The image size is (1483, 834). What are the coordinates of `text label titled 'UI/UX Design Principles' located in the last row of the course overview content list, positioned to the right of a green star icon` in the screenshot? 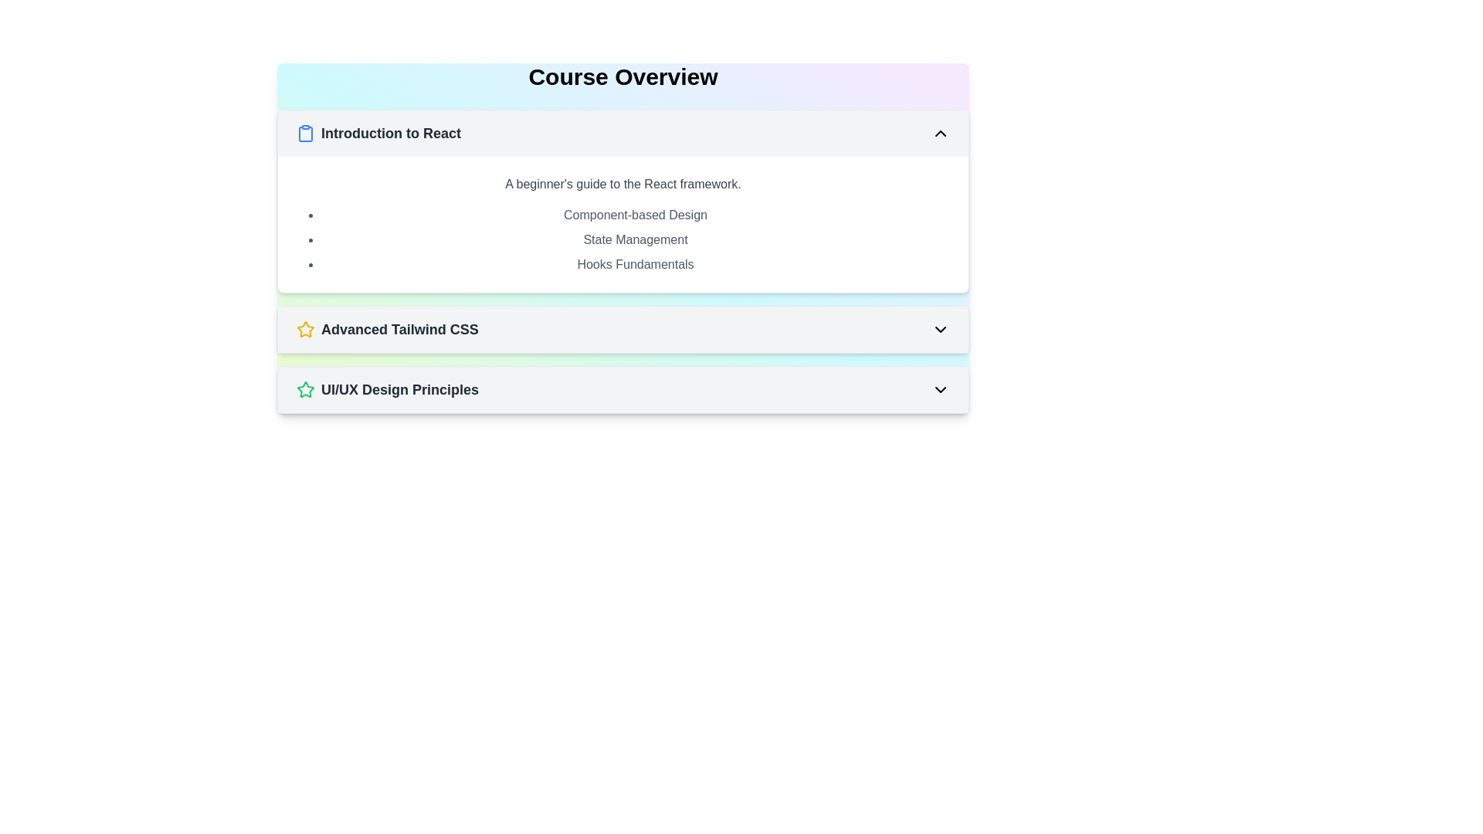 It's located at (400, 389).